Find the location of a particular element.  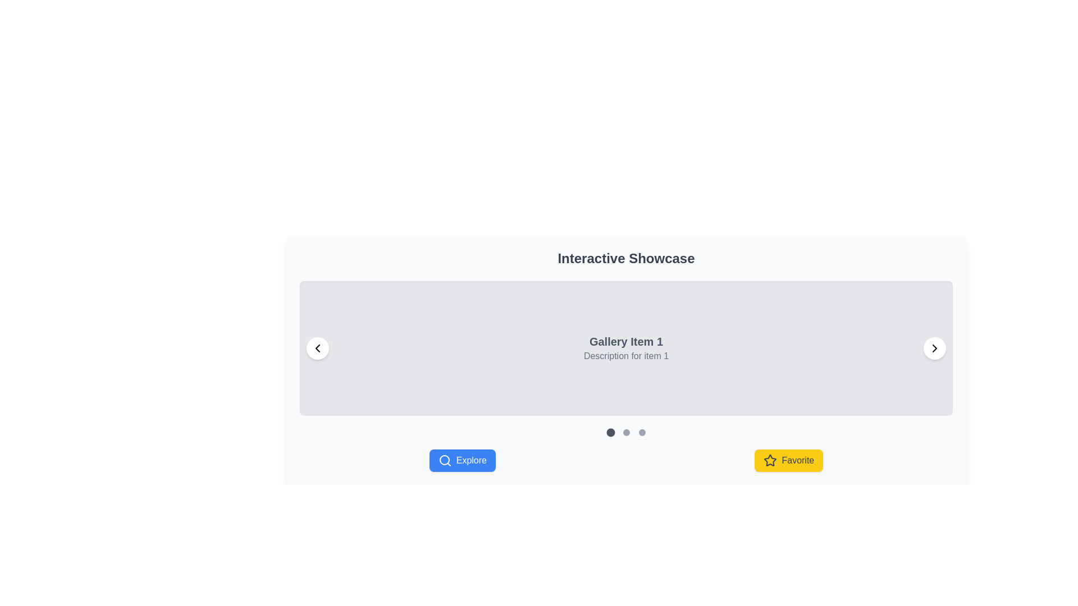

the third circular Interactive Indicator, which is styled with a gray background is located at coordinates (642, 432).